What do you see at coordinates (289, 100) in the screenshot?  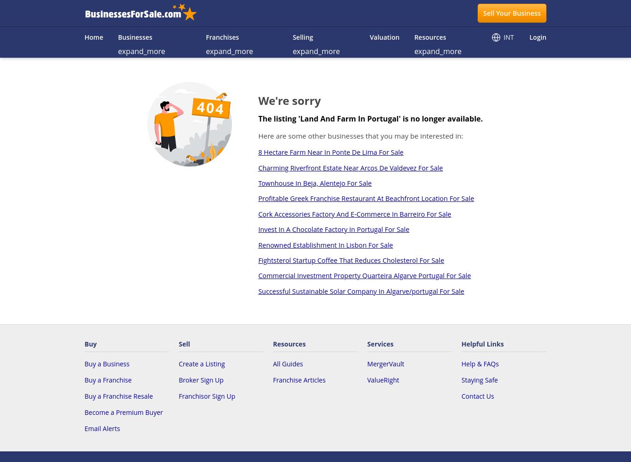 I see `'We're sorry'` at bounding box center [289, 100].